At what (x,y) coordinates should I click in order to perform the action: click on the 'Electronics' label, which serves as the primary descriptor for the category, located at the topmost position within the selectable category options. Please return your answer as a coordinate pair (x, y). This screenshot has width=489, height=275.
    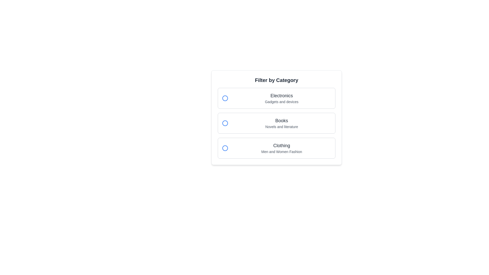
    Looking at the image, I should click on (281, 95).